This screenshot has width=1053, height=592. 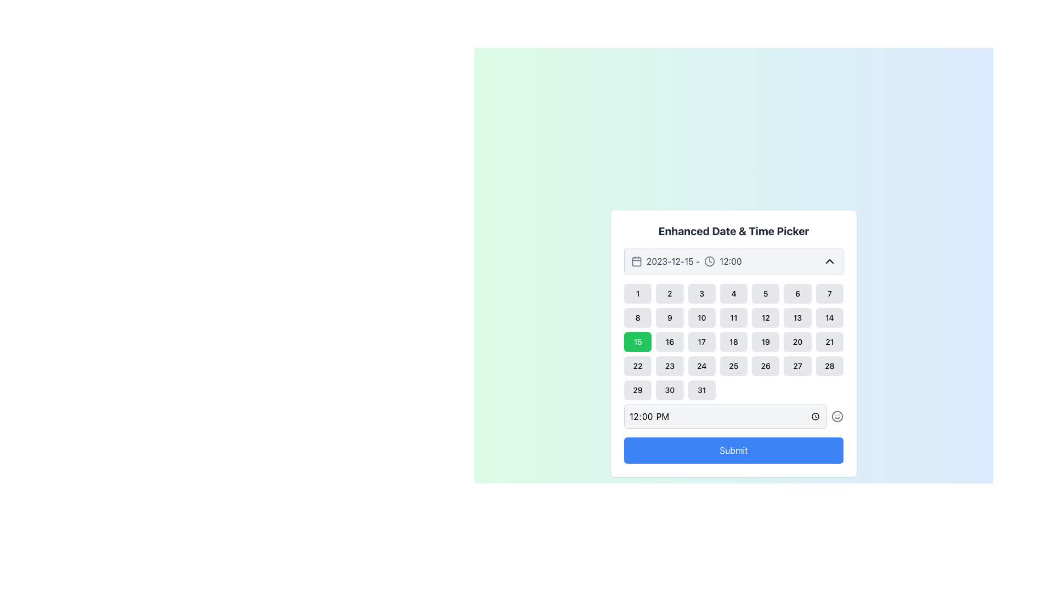 What do you see at coordinates (734, 317) in the screenshot?
I see `the square button with a rounded border, shaded in light gray, containing the number '11' in black text` at bounding box center [734, 317].